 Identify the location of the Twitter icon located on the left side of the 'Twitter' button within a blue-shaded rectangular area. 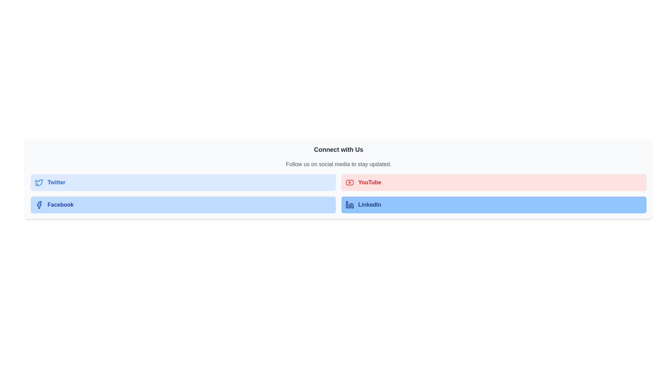
(38, 182).